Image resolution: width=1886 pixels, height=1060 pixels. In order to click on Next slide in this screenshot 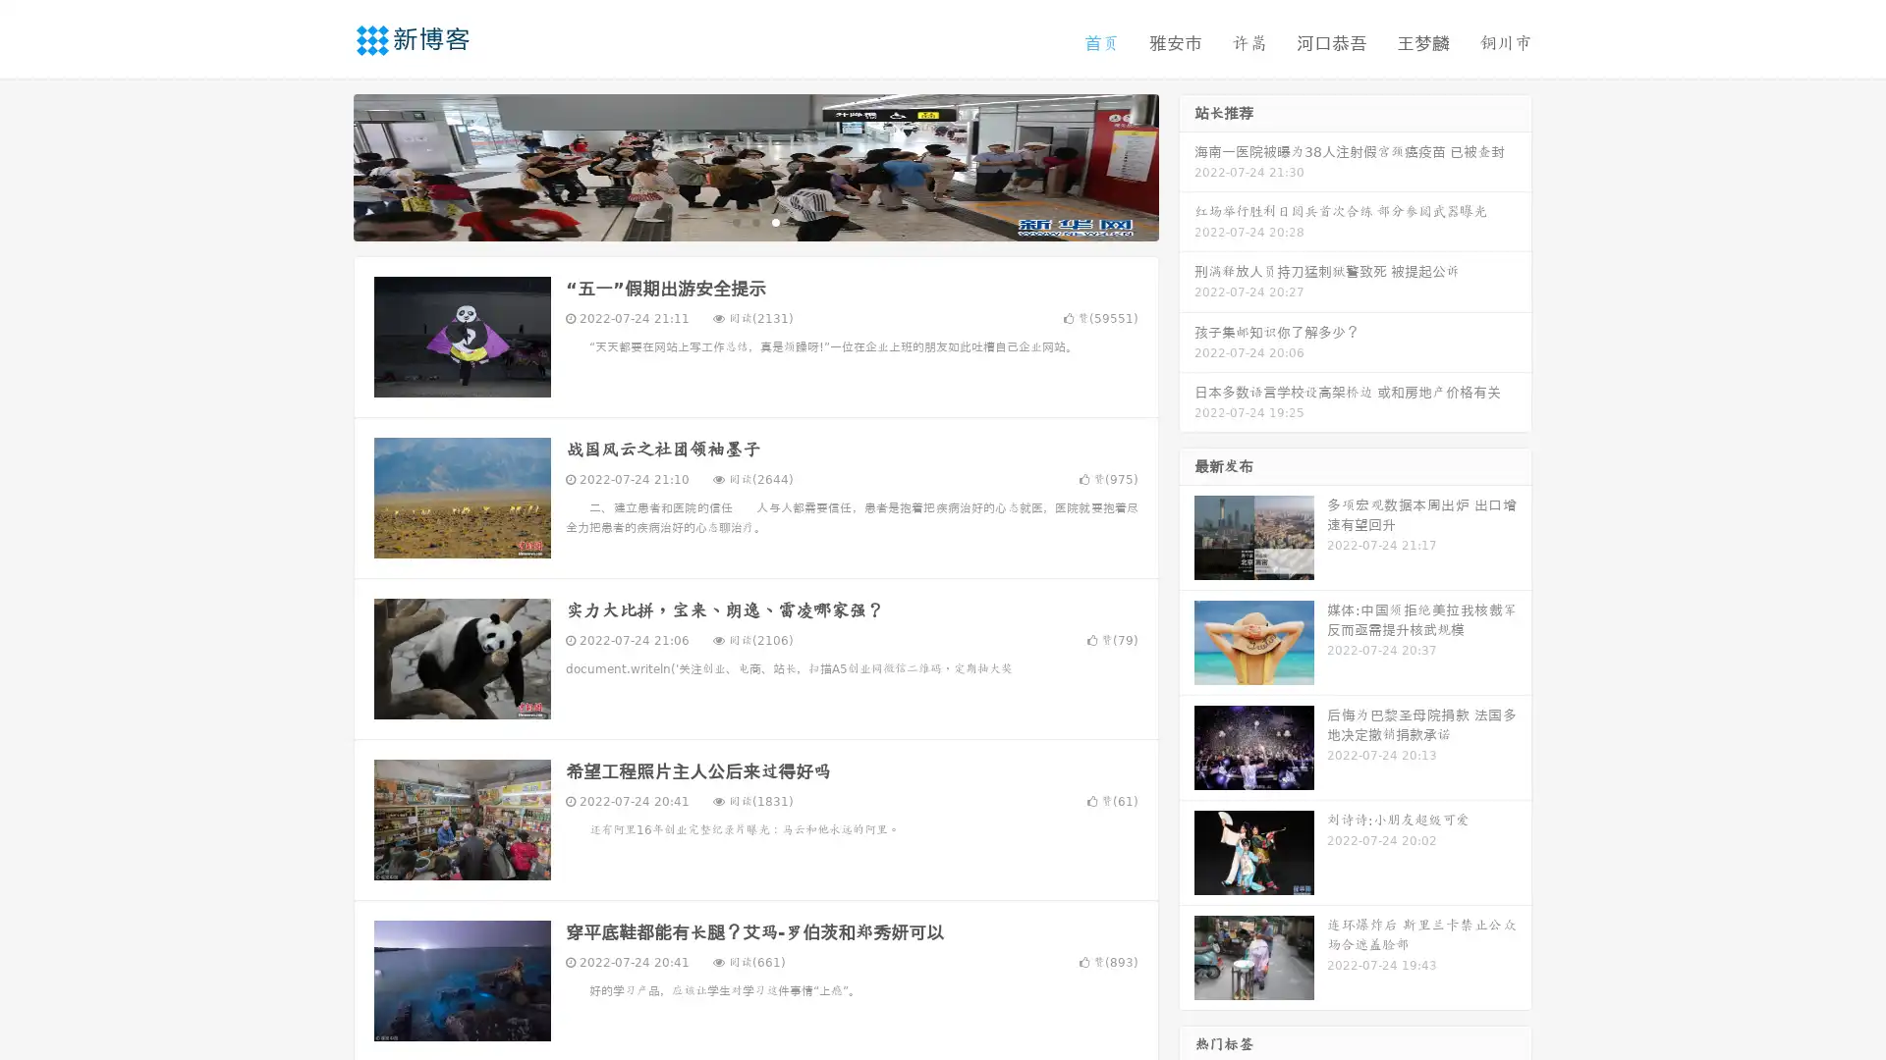, I will do `click(1187, 165)`.